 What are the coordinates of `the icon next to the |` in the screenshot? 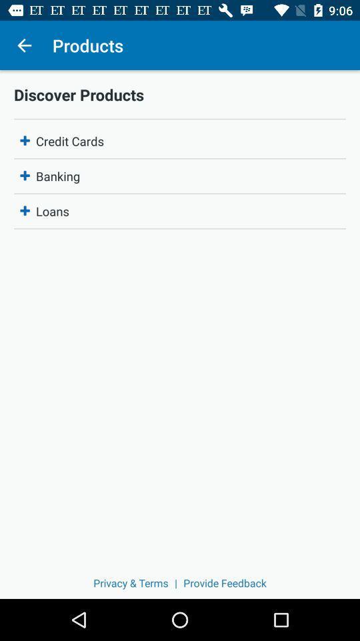 It's located at (225, 582).